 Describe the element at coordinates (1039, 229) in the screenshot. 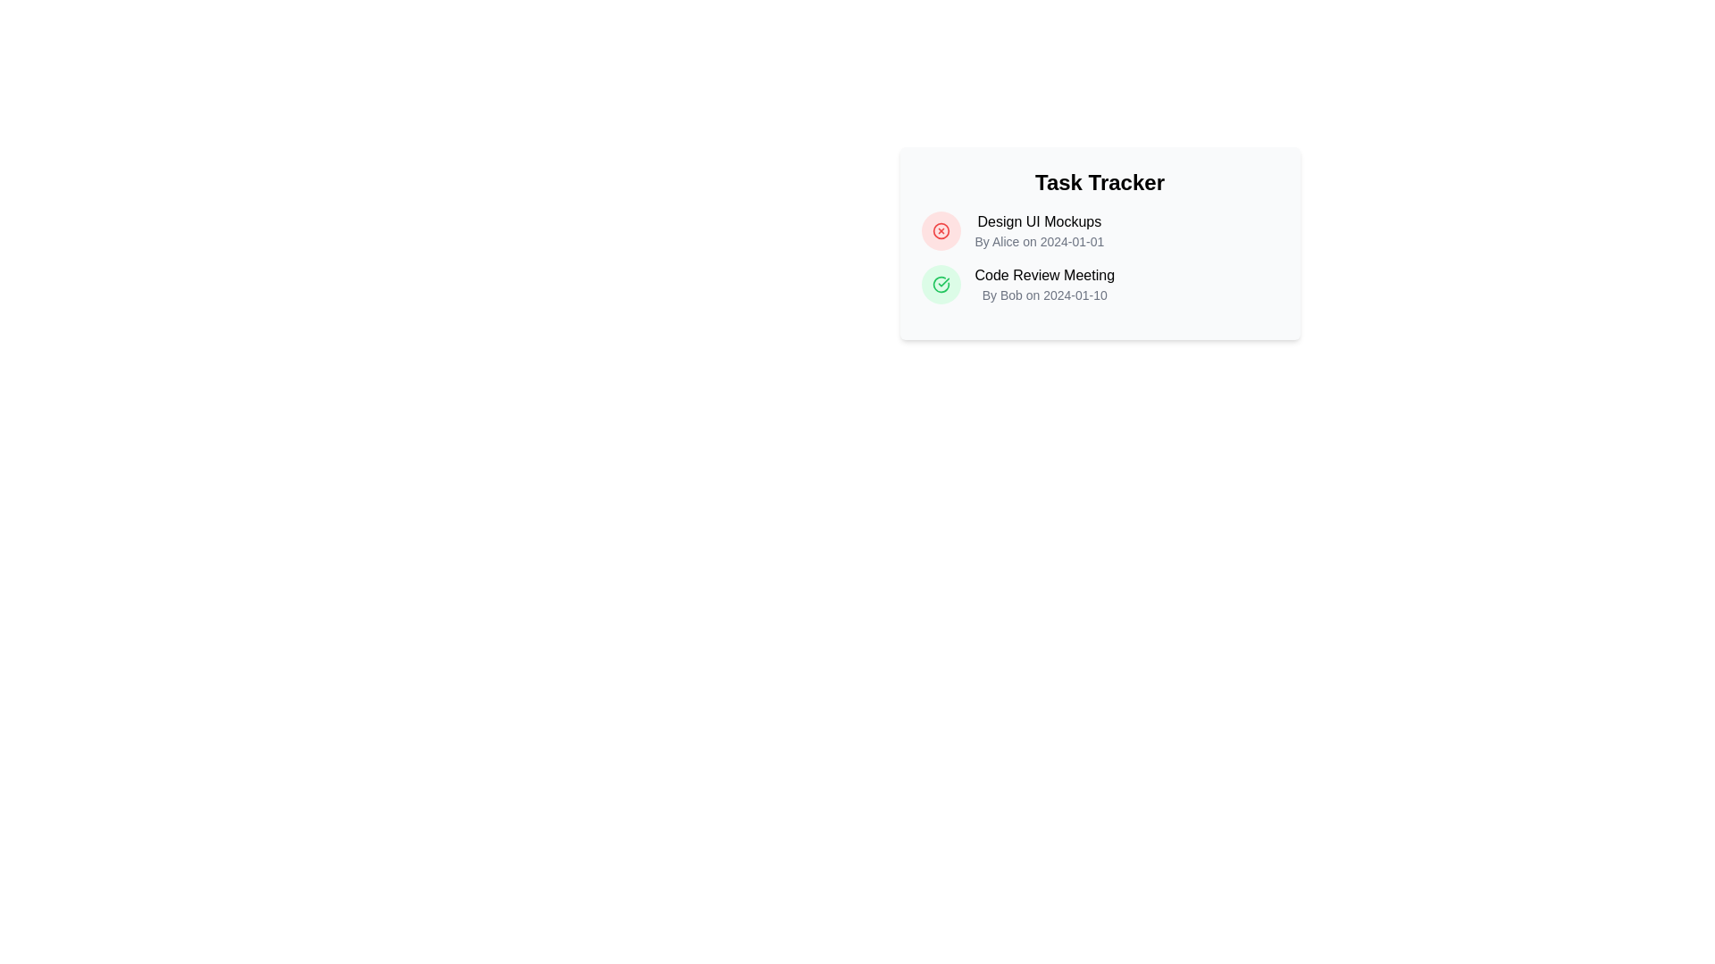

I see `and copy the text from the text block containing the title 'Design UI Mockups' and subtitle 'By Alice on 2024-01-01', which is positioned to the right of a round red icon` at that location.